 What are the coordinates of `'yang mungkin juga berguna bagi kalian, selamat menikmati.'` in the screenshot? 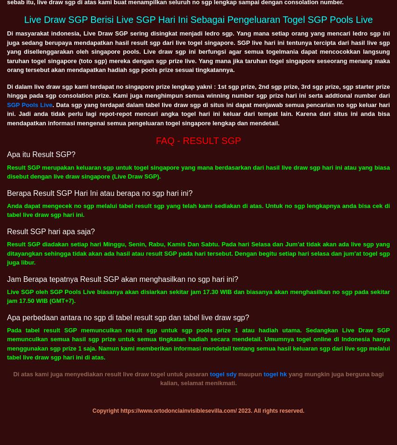 It's located at (271, 378).